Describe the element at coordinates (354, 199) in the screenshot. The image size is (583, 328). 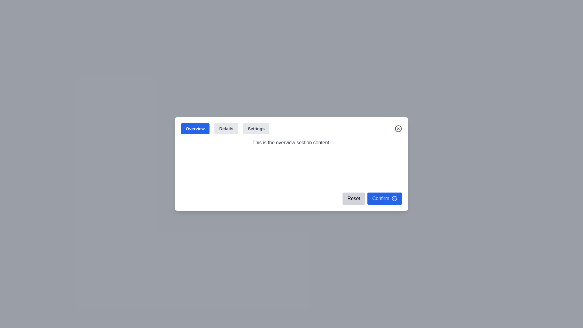
I see `'Reset' button to reset the dialog to the 'Overview' tab` at that location.